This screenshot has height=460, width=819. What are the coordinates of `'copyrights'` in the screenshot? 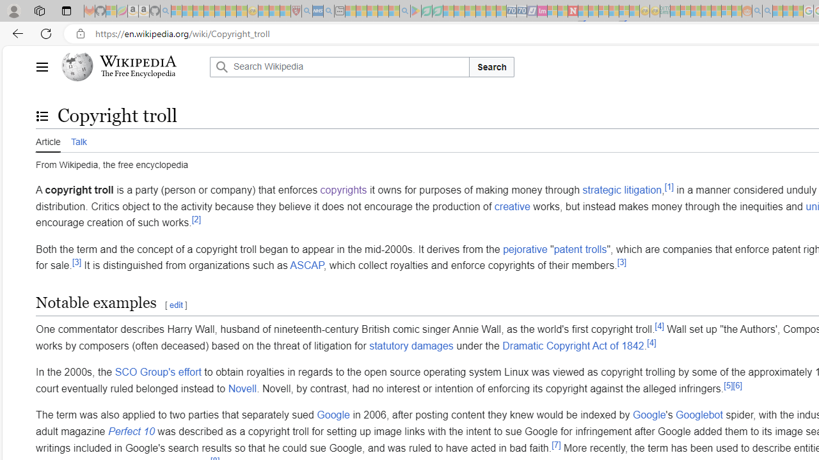 It's located at (343, 190).